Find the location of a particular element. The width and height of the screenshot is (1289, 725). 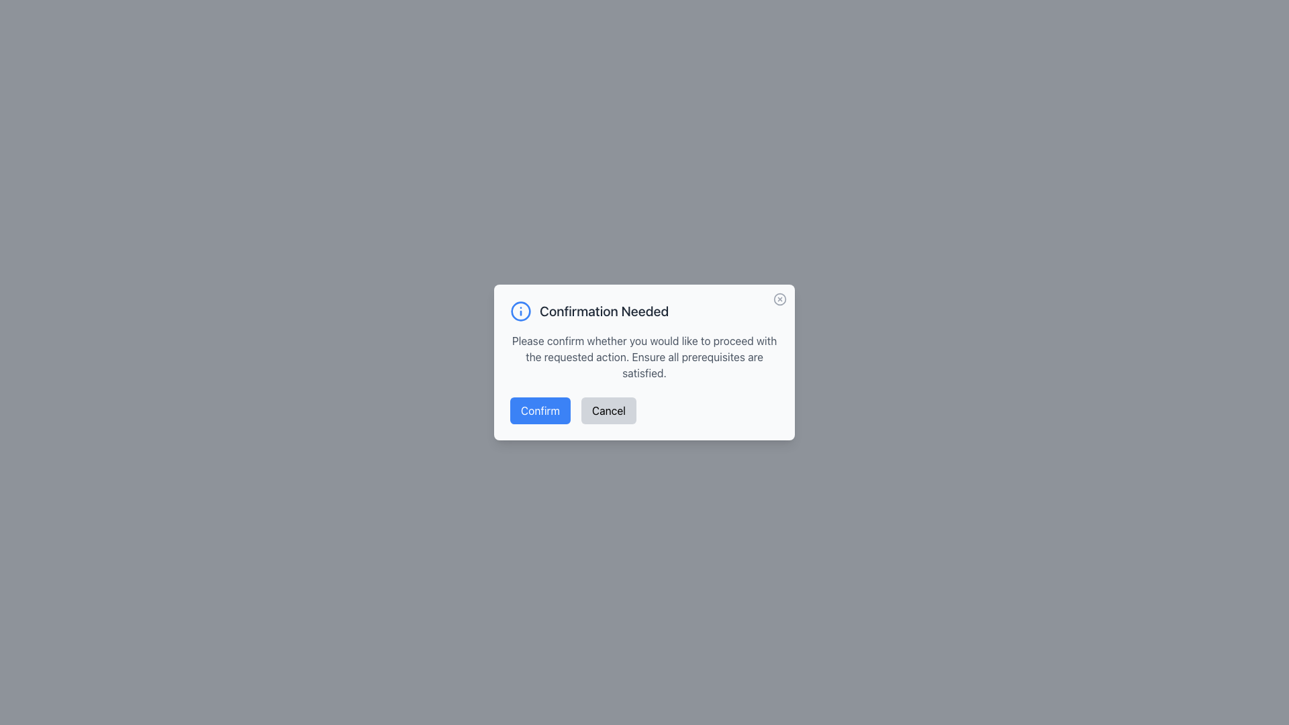

the 'Confirm' button, which has a blue background and white text, located at the bottom section of a dialog box, to trigger its hover effect is located at coordinates (540, 410).